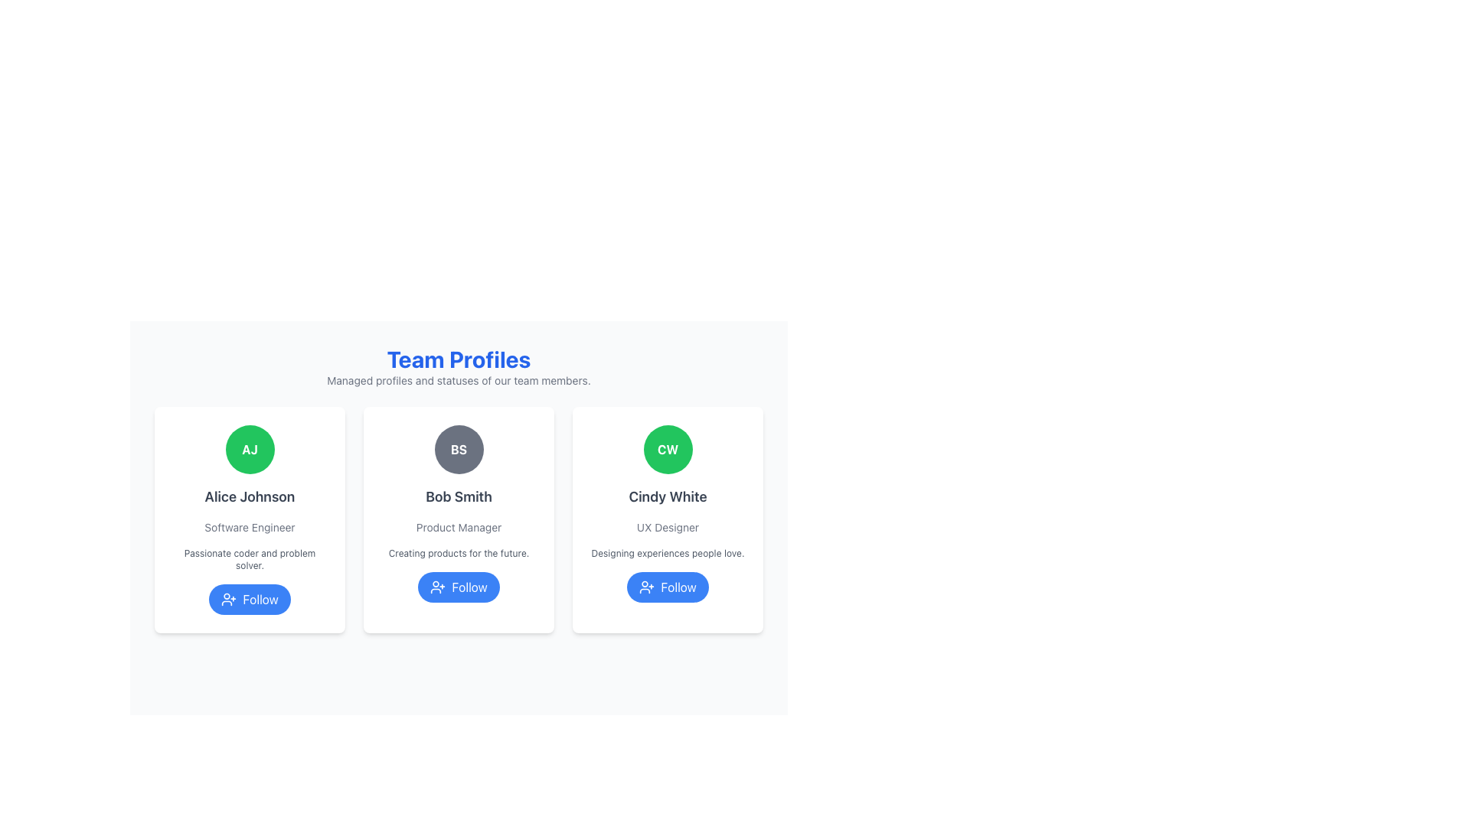 The width and height of the screenshot is (1470, 826). I want to click on the circular badge with 'CW' text in white on a bright green background, located at the top of the card for Cindy White, the rightmost card, so click(668, 448).